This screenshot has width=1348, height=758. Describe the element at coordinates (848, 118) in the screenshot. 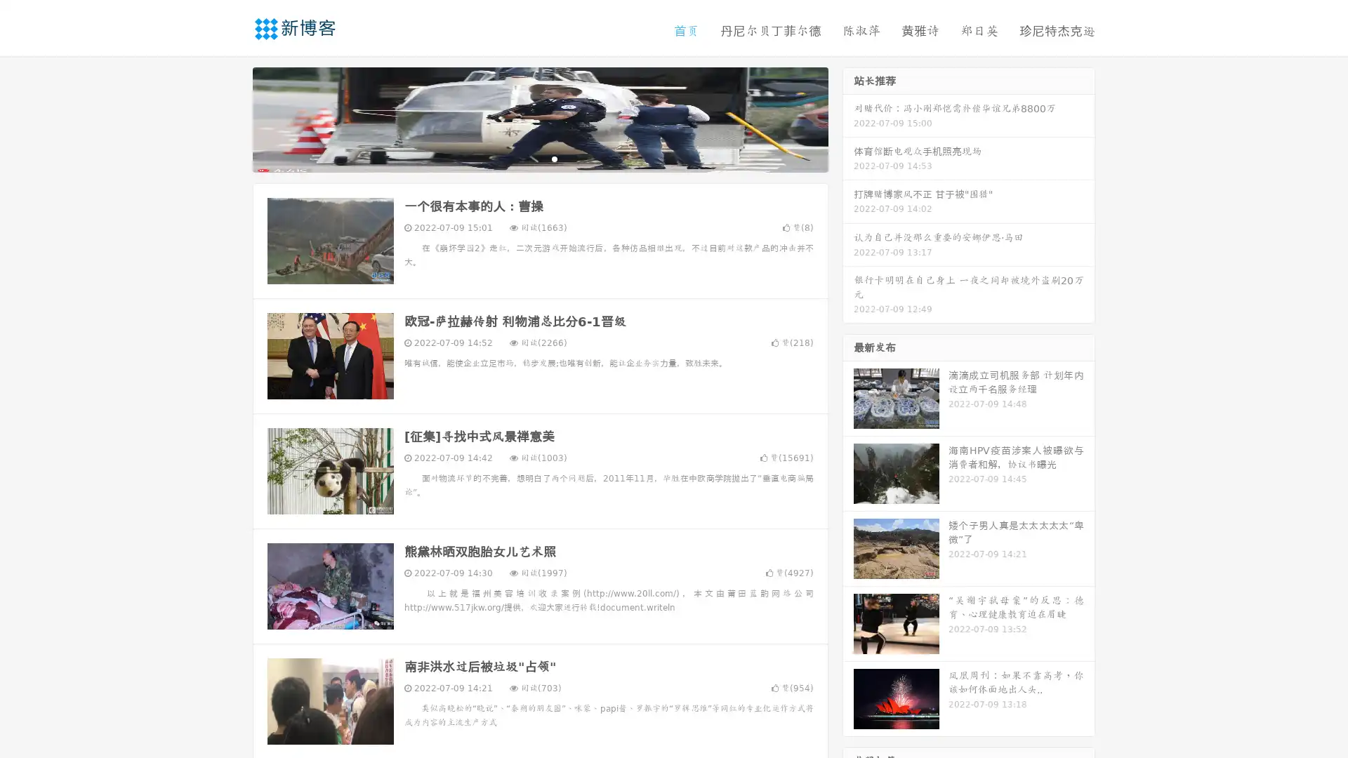

I see `Next slide` at that location.